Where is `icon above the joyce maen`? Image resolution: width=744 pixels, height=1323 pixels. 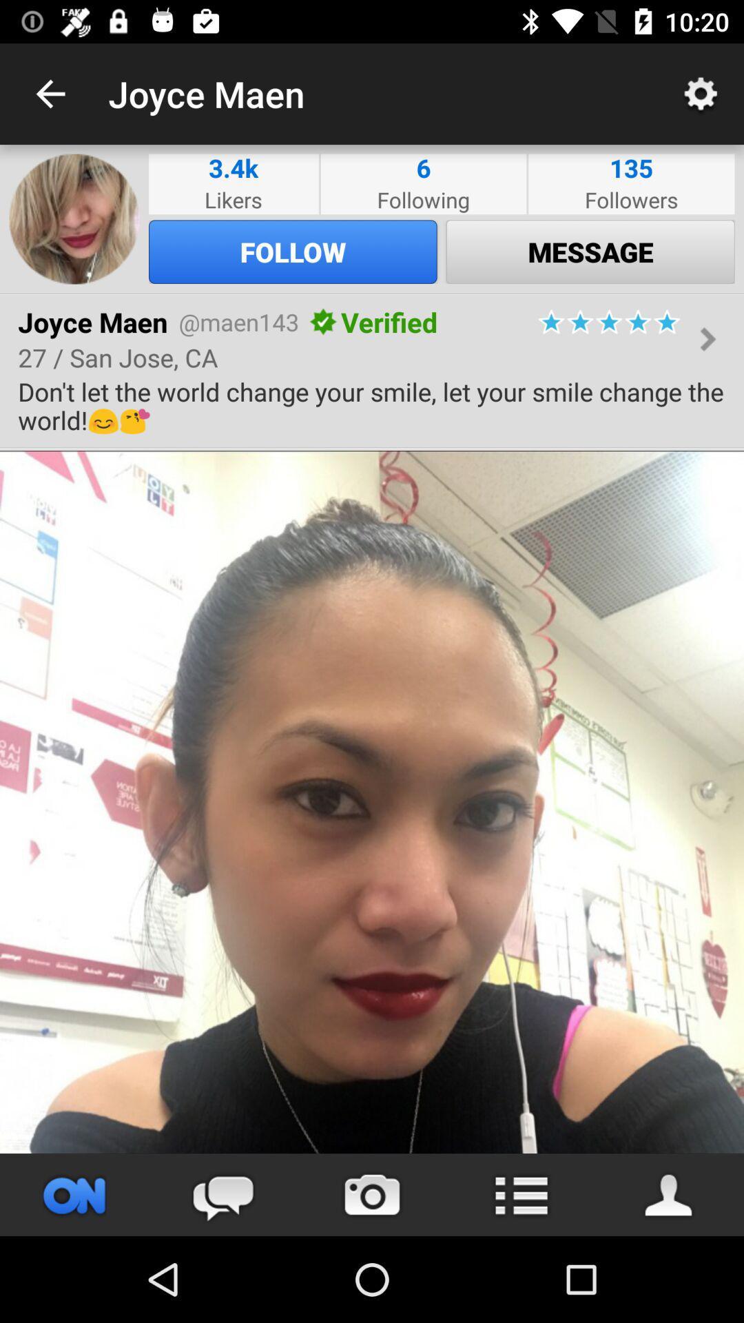 icon above the joyce maen is located at coordinates (372, 294).